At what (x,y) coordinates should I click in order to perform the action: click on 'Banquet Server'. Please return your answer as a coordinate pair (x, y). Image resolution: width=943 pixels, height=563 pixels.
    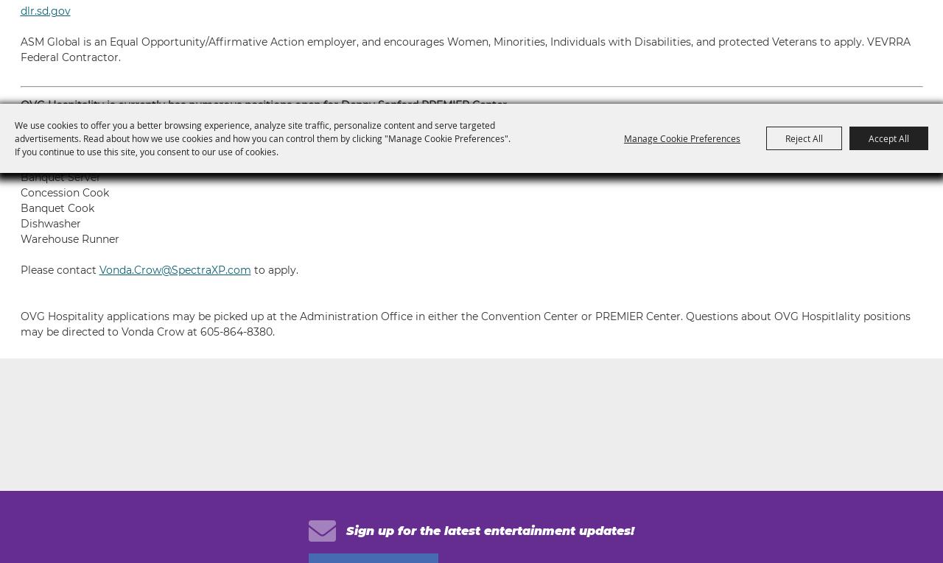
    Looking at the image, I should click on (20, 177).